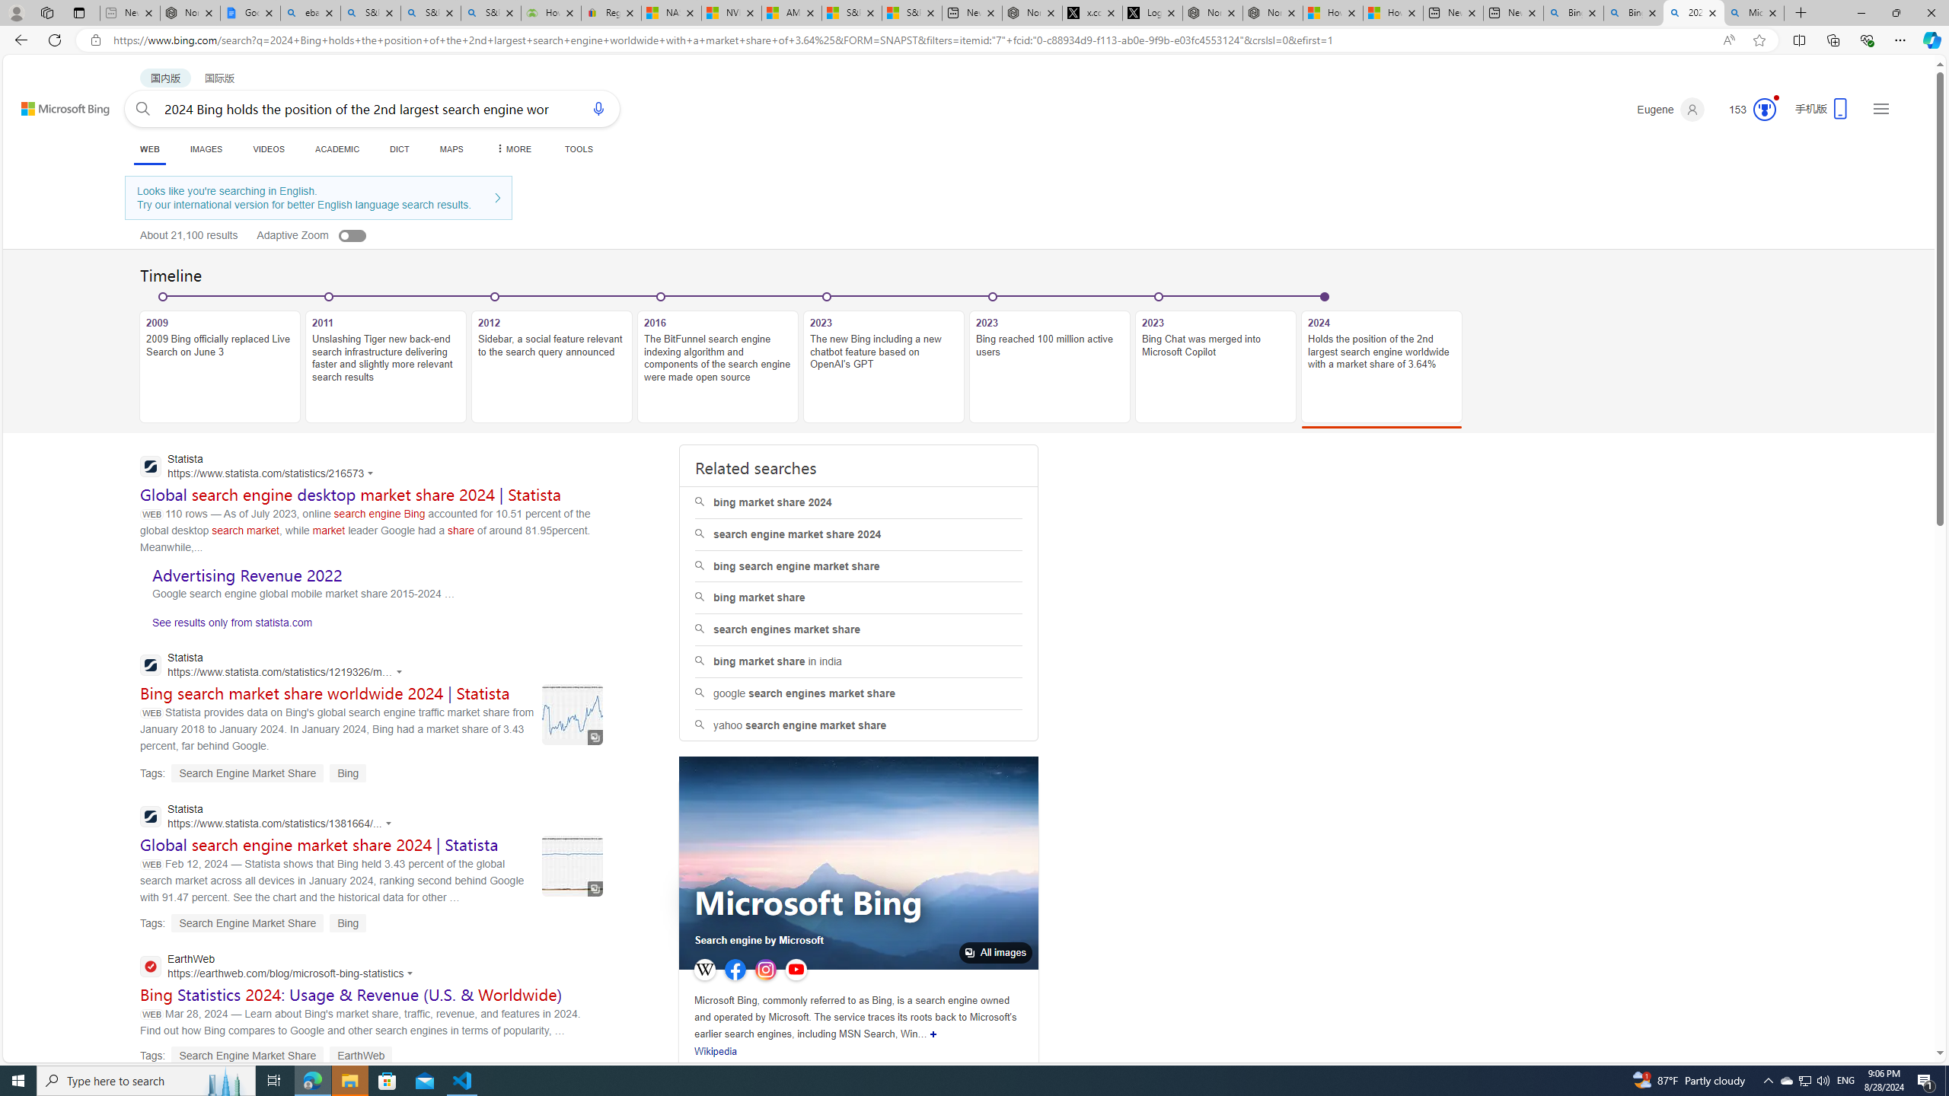  I want to click on 'ACADEMIC', so click(338, 148).